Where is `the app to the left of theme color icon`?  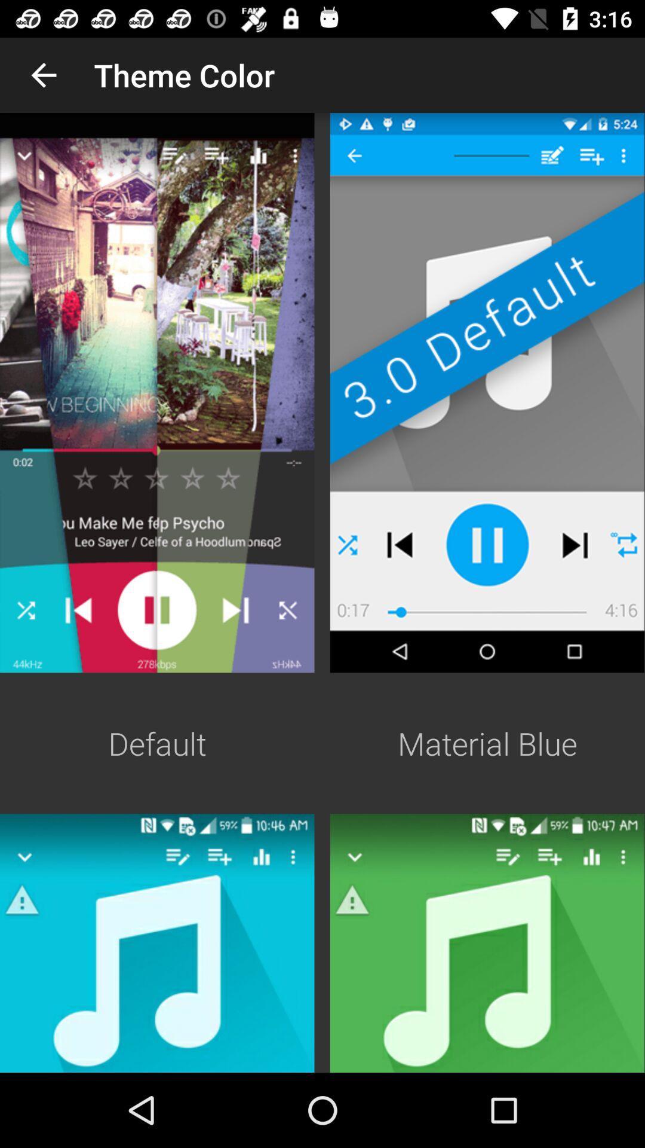 the app to the left of theme color icon is located at coordinates (43, 74).